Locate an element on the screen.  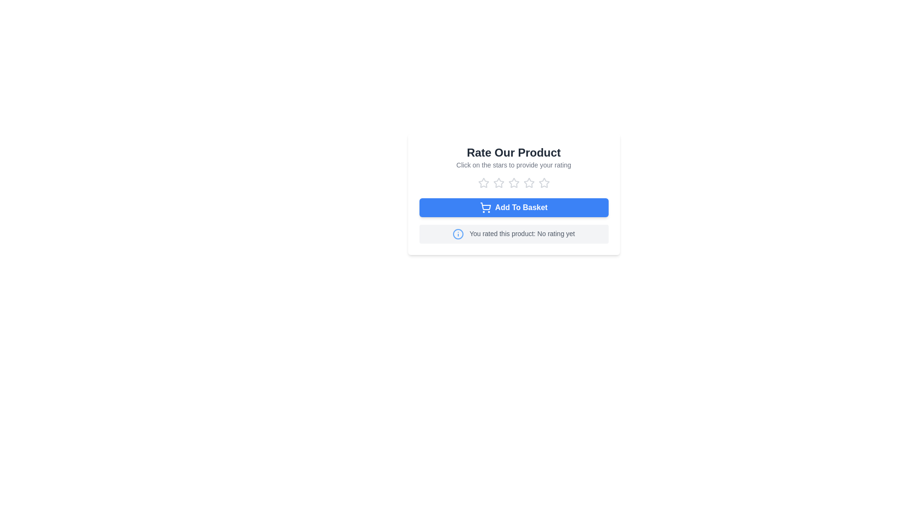
the first star icon in the 'Rate Our Product' section, which is part of a series of five rating stars, located above the 'Add To Basket' button is located at coordinates (483, 183).